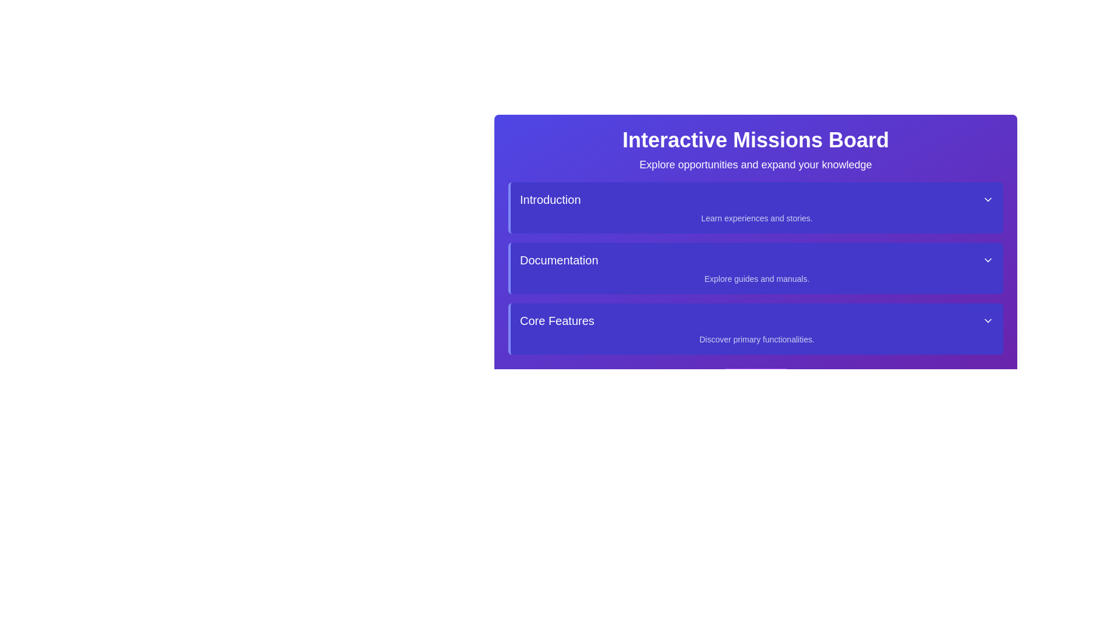 Image resolution: width=1118 pixels, height=629 pixels. Describe the element at coordinates (757, 218) in the screenshot. I see `the text element that contains 'Learn experiences and stories.' styled in a small font within the 'Introduction' section with an indigo background` at that location.